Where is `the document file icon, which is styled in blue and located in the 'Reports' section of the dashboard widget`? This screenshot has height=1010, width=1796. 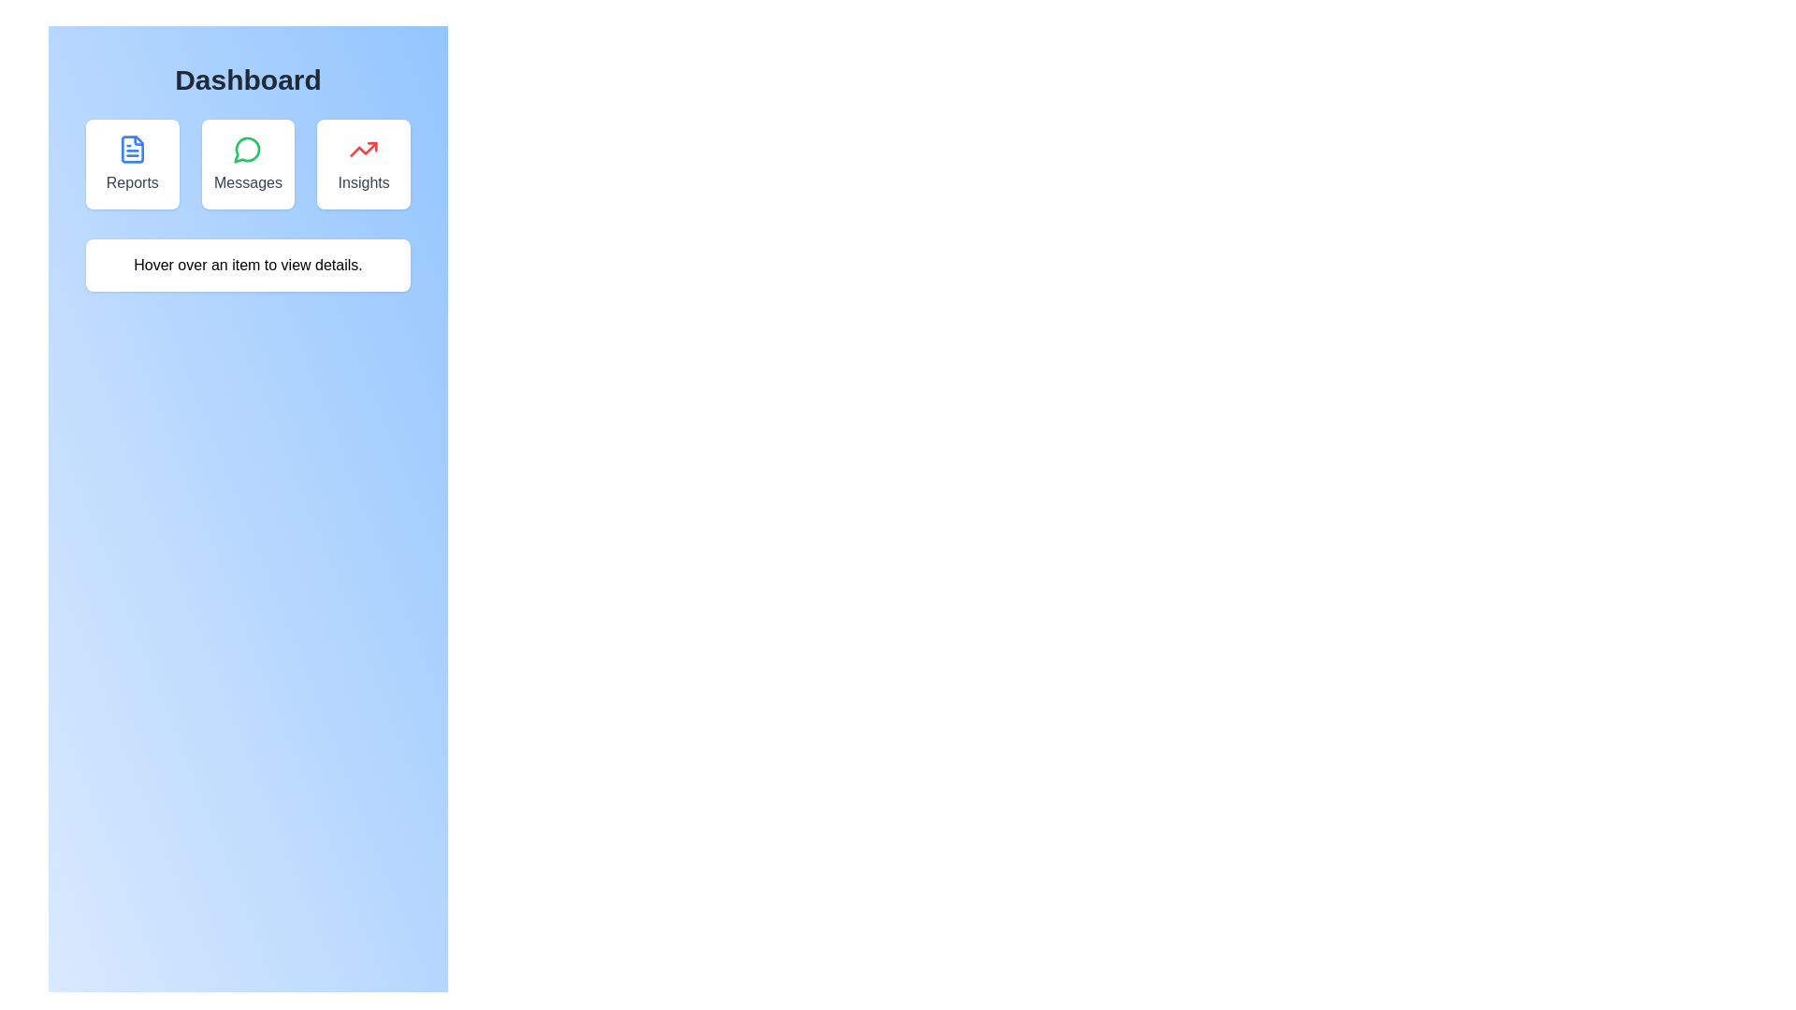 the document file icon, which is styled in blue and located in the 'Reports' section of the dashboard widget is located at coordinates (131, 148).